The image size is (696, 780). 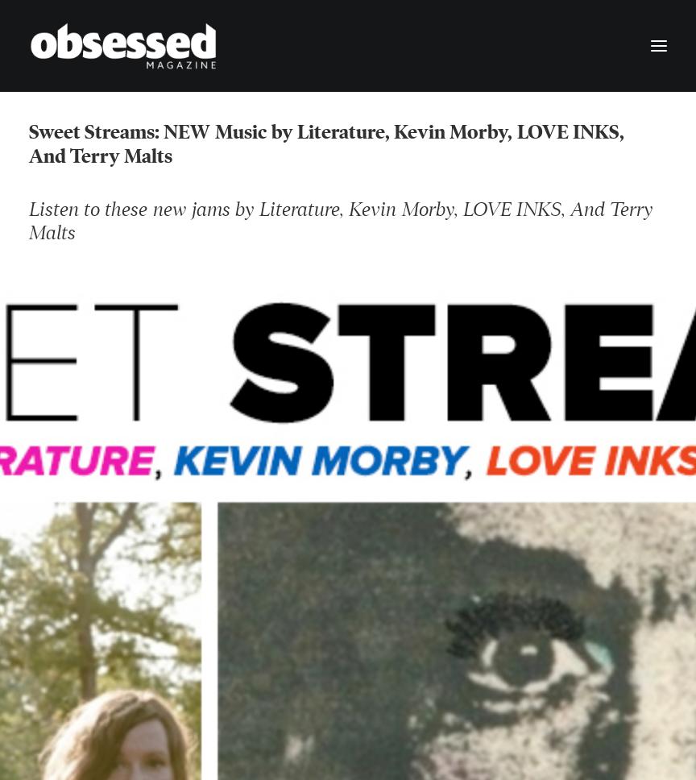 I want to click on 'Listen', so click(x=53, y=212).